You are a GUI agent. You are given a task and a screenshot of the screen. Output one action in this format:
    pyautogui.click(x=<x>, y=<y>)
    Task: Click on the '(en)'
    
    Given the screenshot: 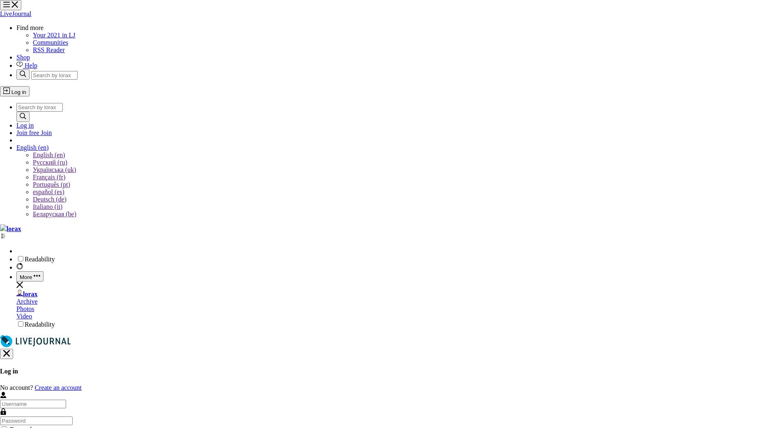 What is the action you would take?
    pyautogui.click(x=43, y=147)
    